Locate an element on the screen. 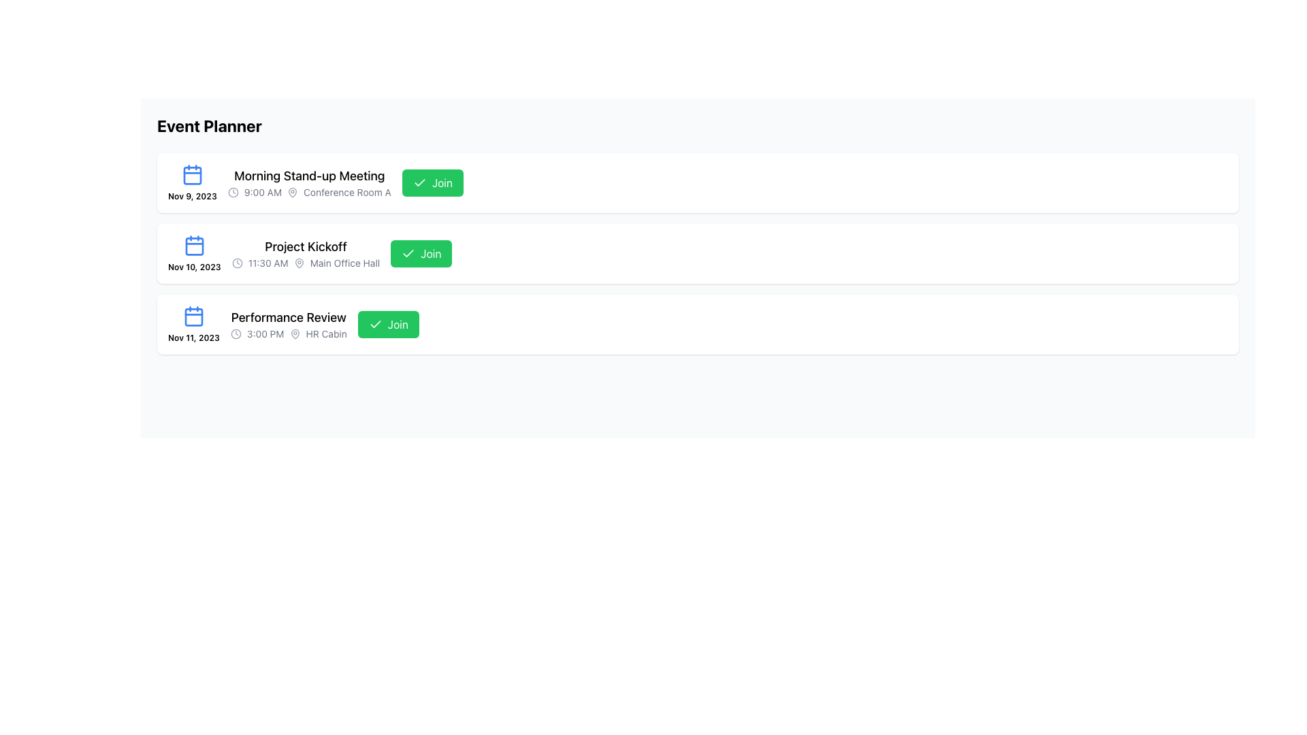  information displayed in the text segment that shows '9:00 AM' and 'Conference Room A', which includes icons of a clock and a location pin, positioned below 'Morning Stand-up Meeting' is located at coordinates (308, 192).